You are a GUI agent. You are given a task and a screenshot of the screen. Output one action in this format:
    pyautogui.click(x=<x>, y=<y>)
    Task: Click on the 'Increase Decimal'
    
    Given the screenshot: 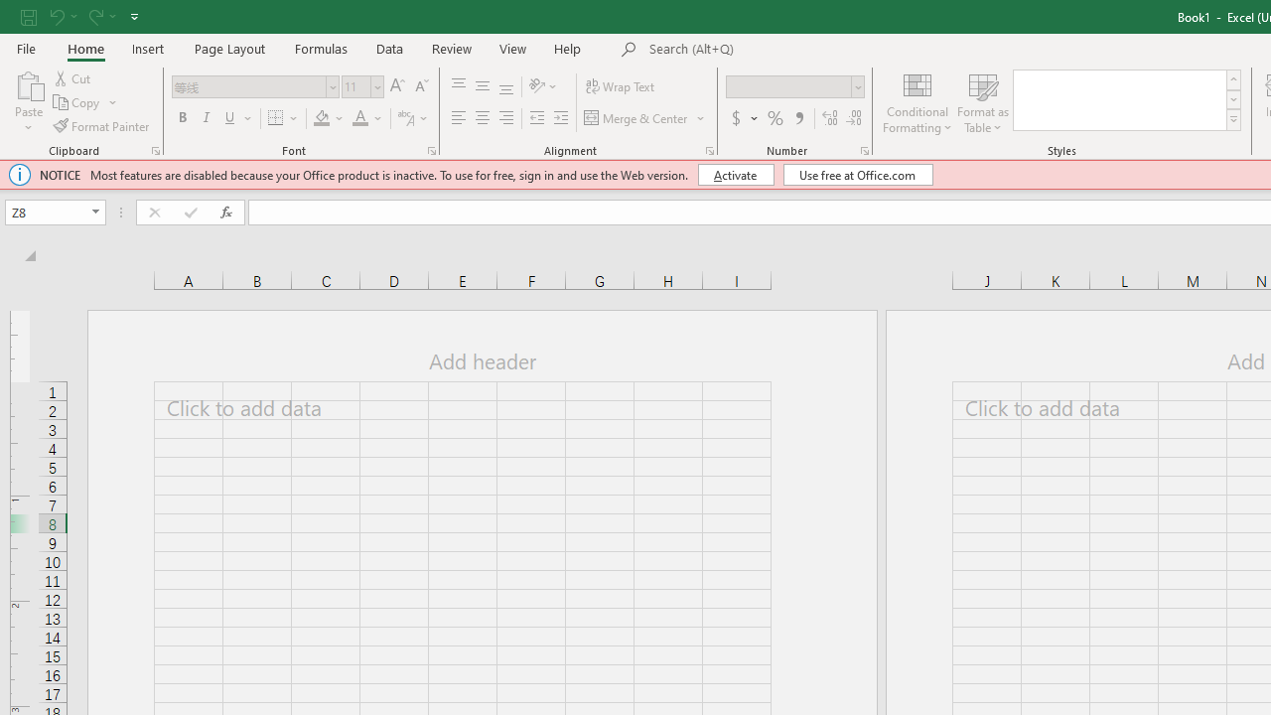 What is the action you would take?
    pyautogui.click(x=830, y=118)
    